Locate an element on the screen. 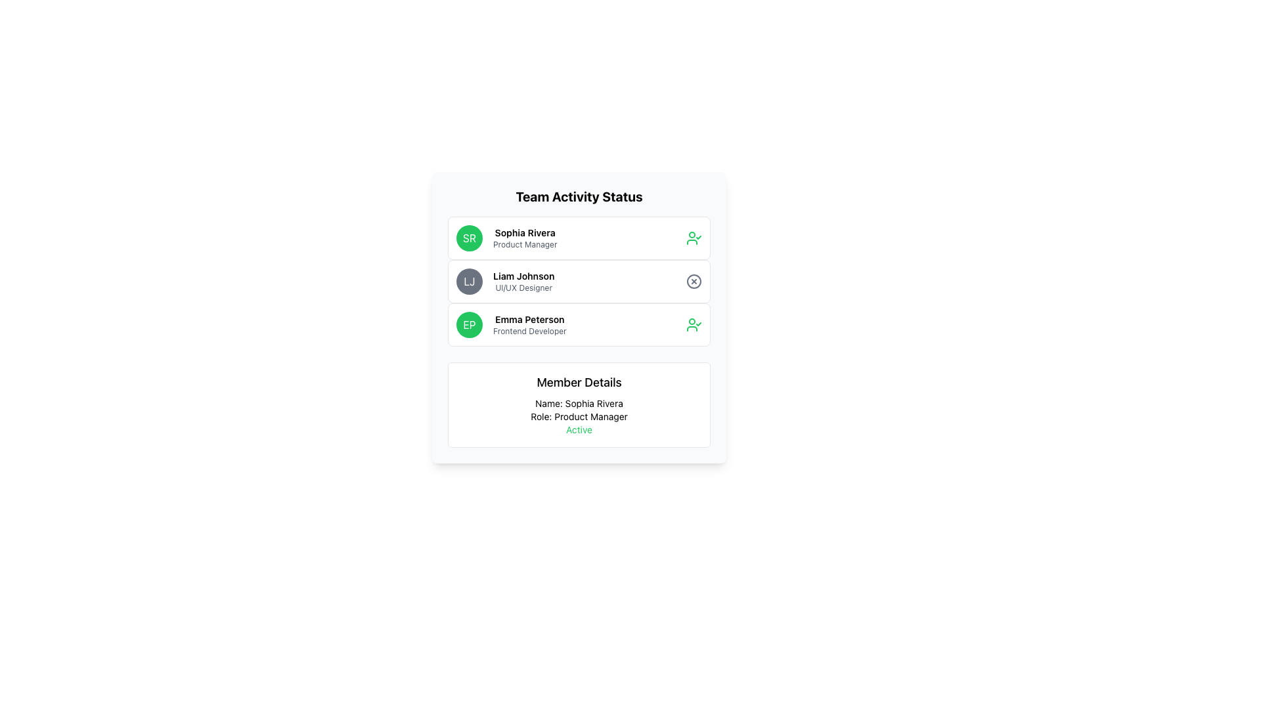 This screenshot has width=1261, height=709. the static text label displaying 'Sophia Rivera' which identifies the individual in the team list is located at coordinates (524, 232).